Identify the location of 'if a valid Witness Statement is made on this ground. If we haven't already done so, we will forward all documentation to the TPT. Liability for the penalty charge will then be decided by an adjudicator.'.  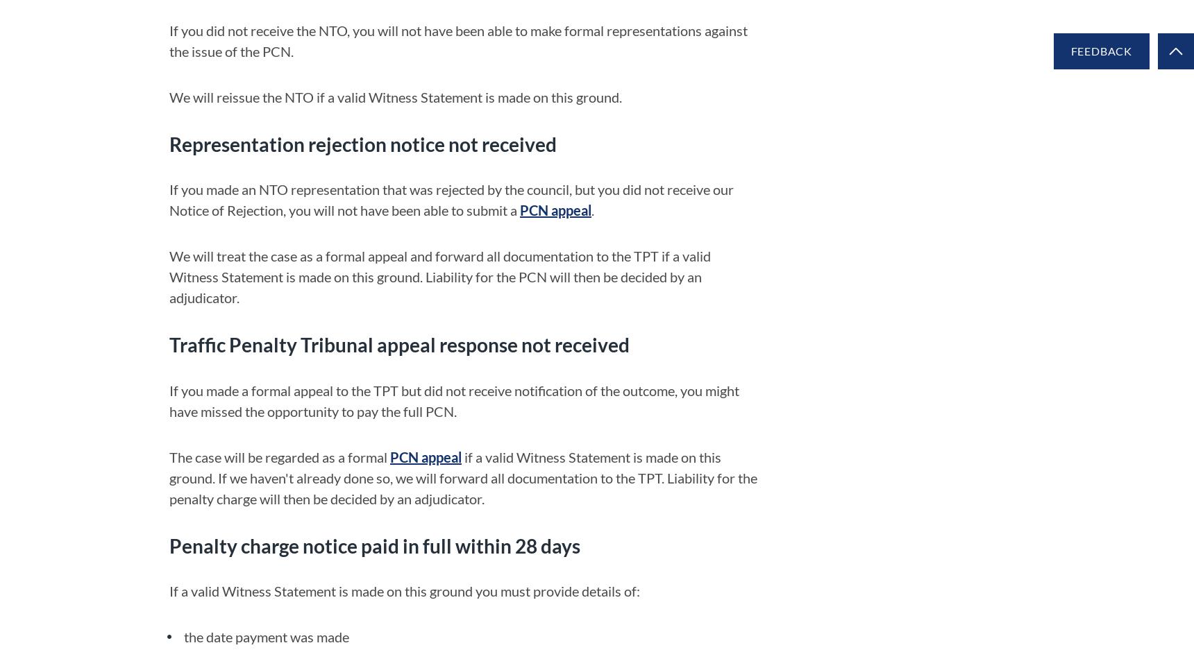
(463, 477).